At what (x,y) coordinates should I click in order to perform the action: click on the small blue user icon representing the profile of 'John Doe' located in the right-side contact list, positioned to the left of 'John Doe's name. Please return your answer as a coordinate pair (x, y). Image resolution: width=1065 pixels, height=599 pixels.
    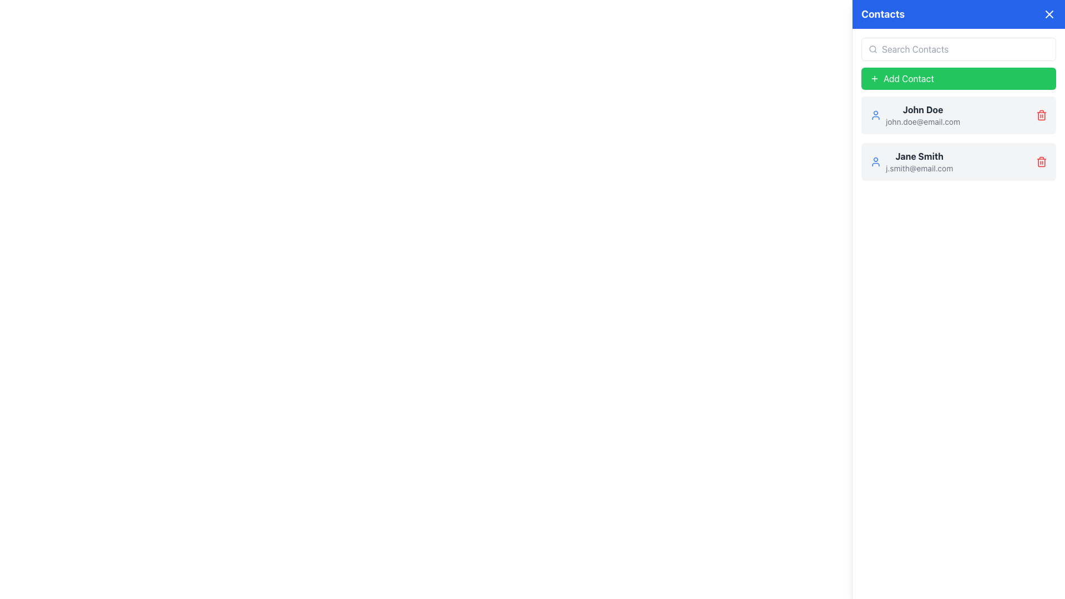
    Looking at the image, I should click on (875, 115).